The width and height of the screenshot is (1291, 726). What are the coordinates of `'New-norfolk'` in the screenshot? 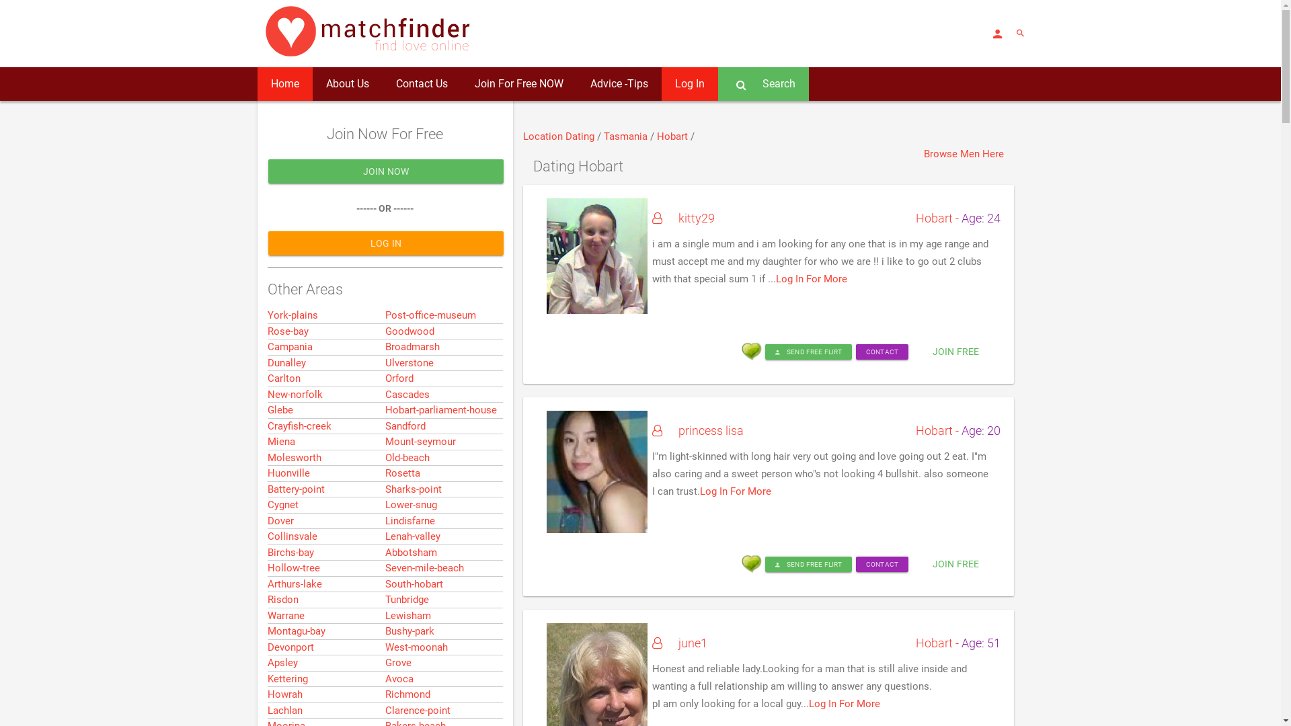 It's located at (294, 393).